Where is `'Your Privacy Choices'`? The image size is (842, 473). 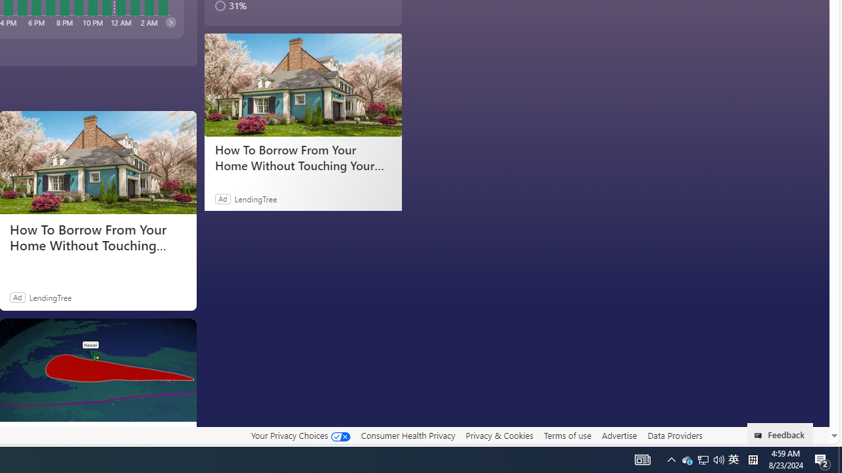 'Your Privacy Choices' is located at coordinates (299, 435).